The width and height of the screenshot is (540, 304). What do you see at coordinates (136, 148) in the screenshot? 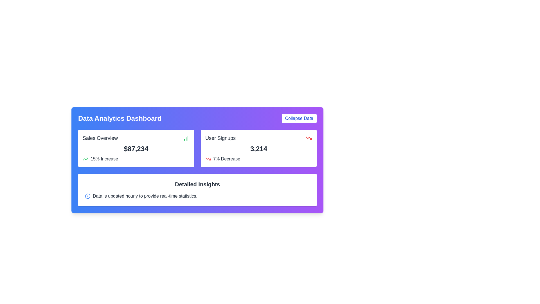
I see `the static Text Display element that shows the summarized sales figure, located centrally in the 'Sales Overview' card` at bounding box center [136, 148].